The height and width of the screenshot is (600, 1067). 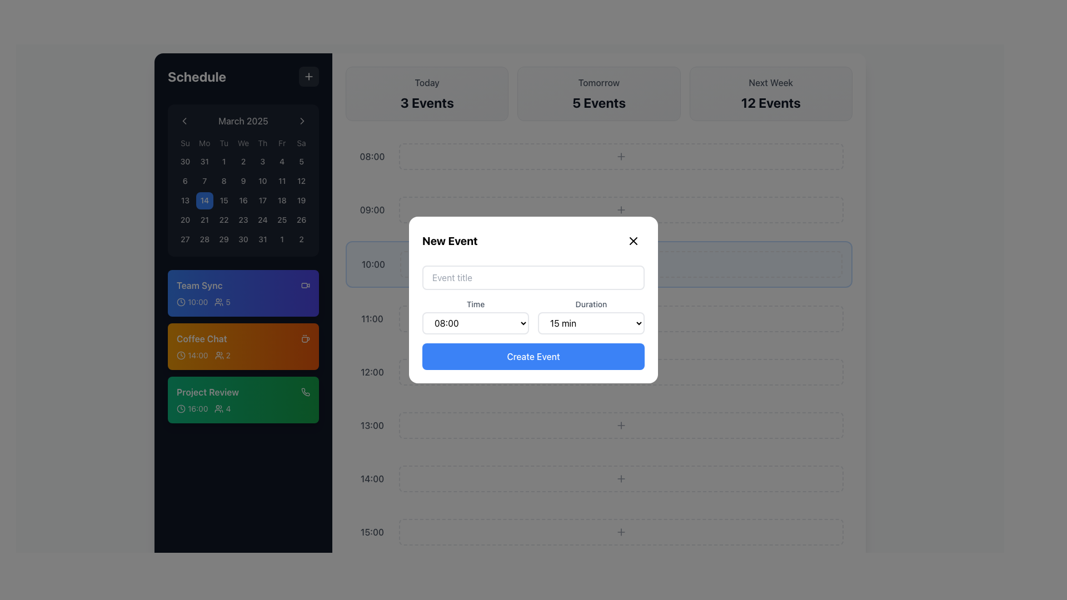 I want to click on the text label displaying the start time of the event 'Project Review', which is located on the left side of a group of aligned elements within a green background section, so click(x=192, y=409).